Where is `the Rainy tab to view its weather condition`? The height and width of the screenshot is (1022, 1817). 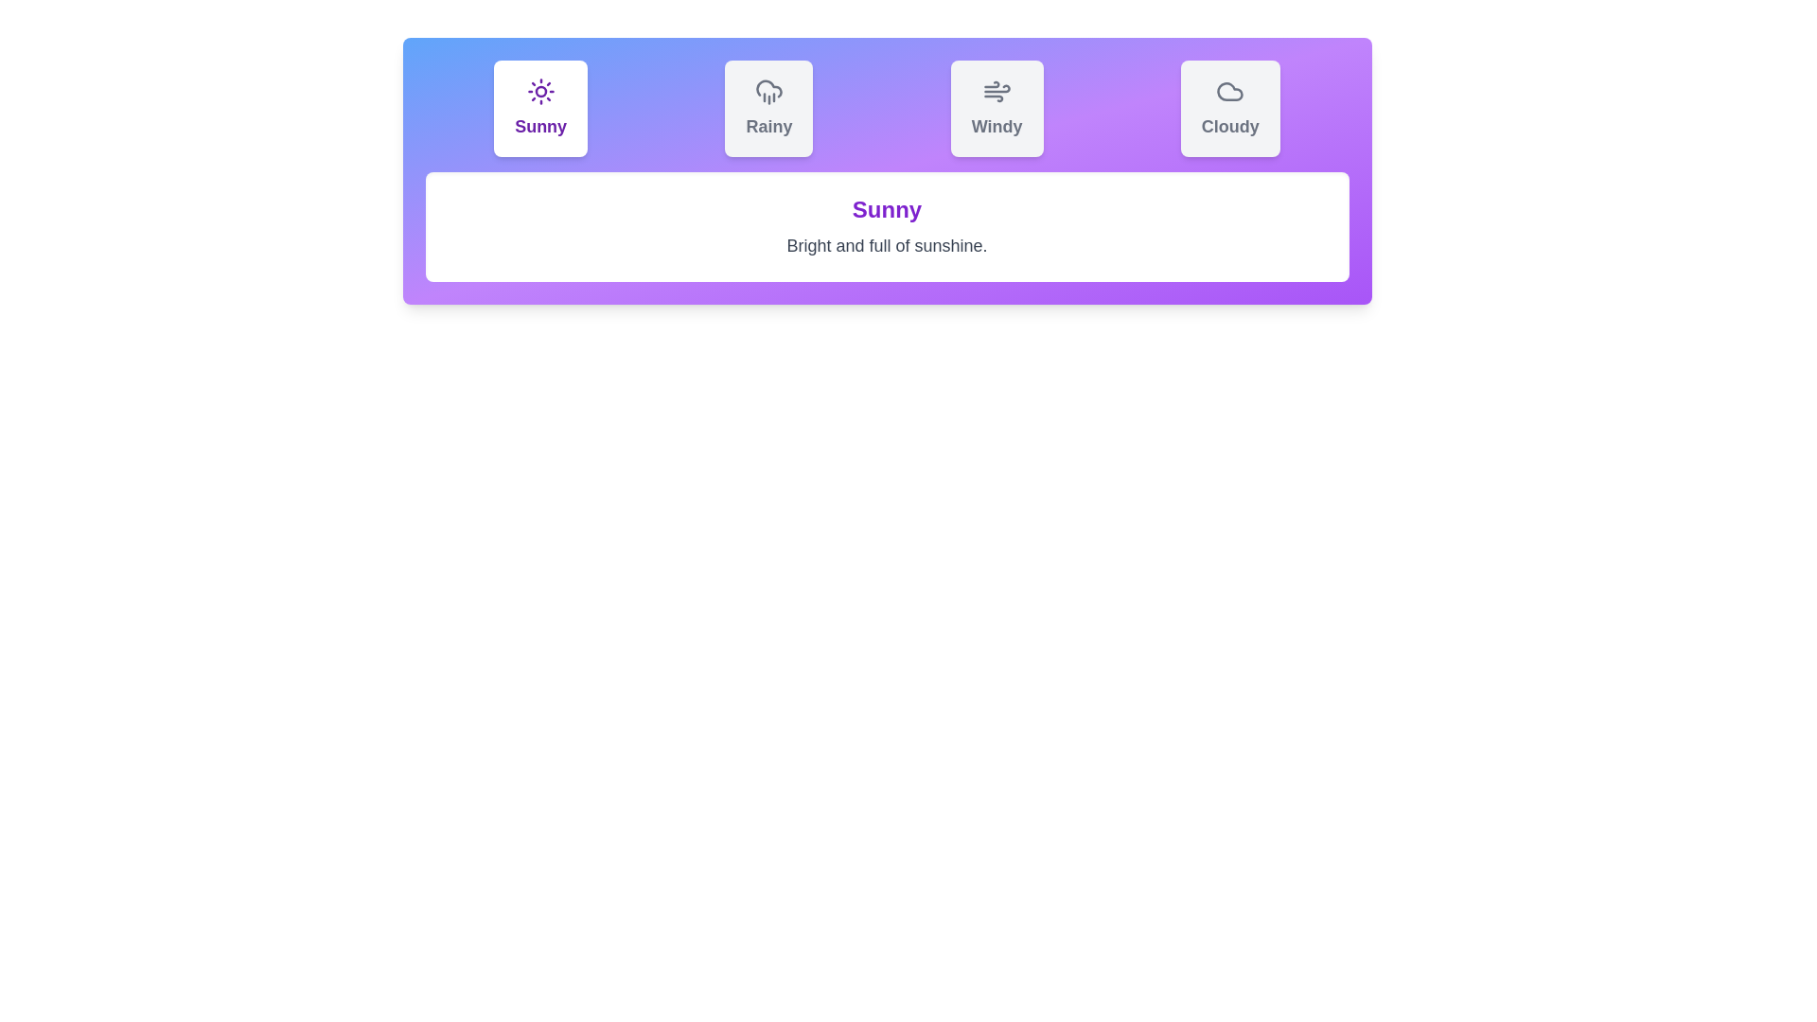 the Rainy tab to view its weather condition is located at coordinates (768, 109).